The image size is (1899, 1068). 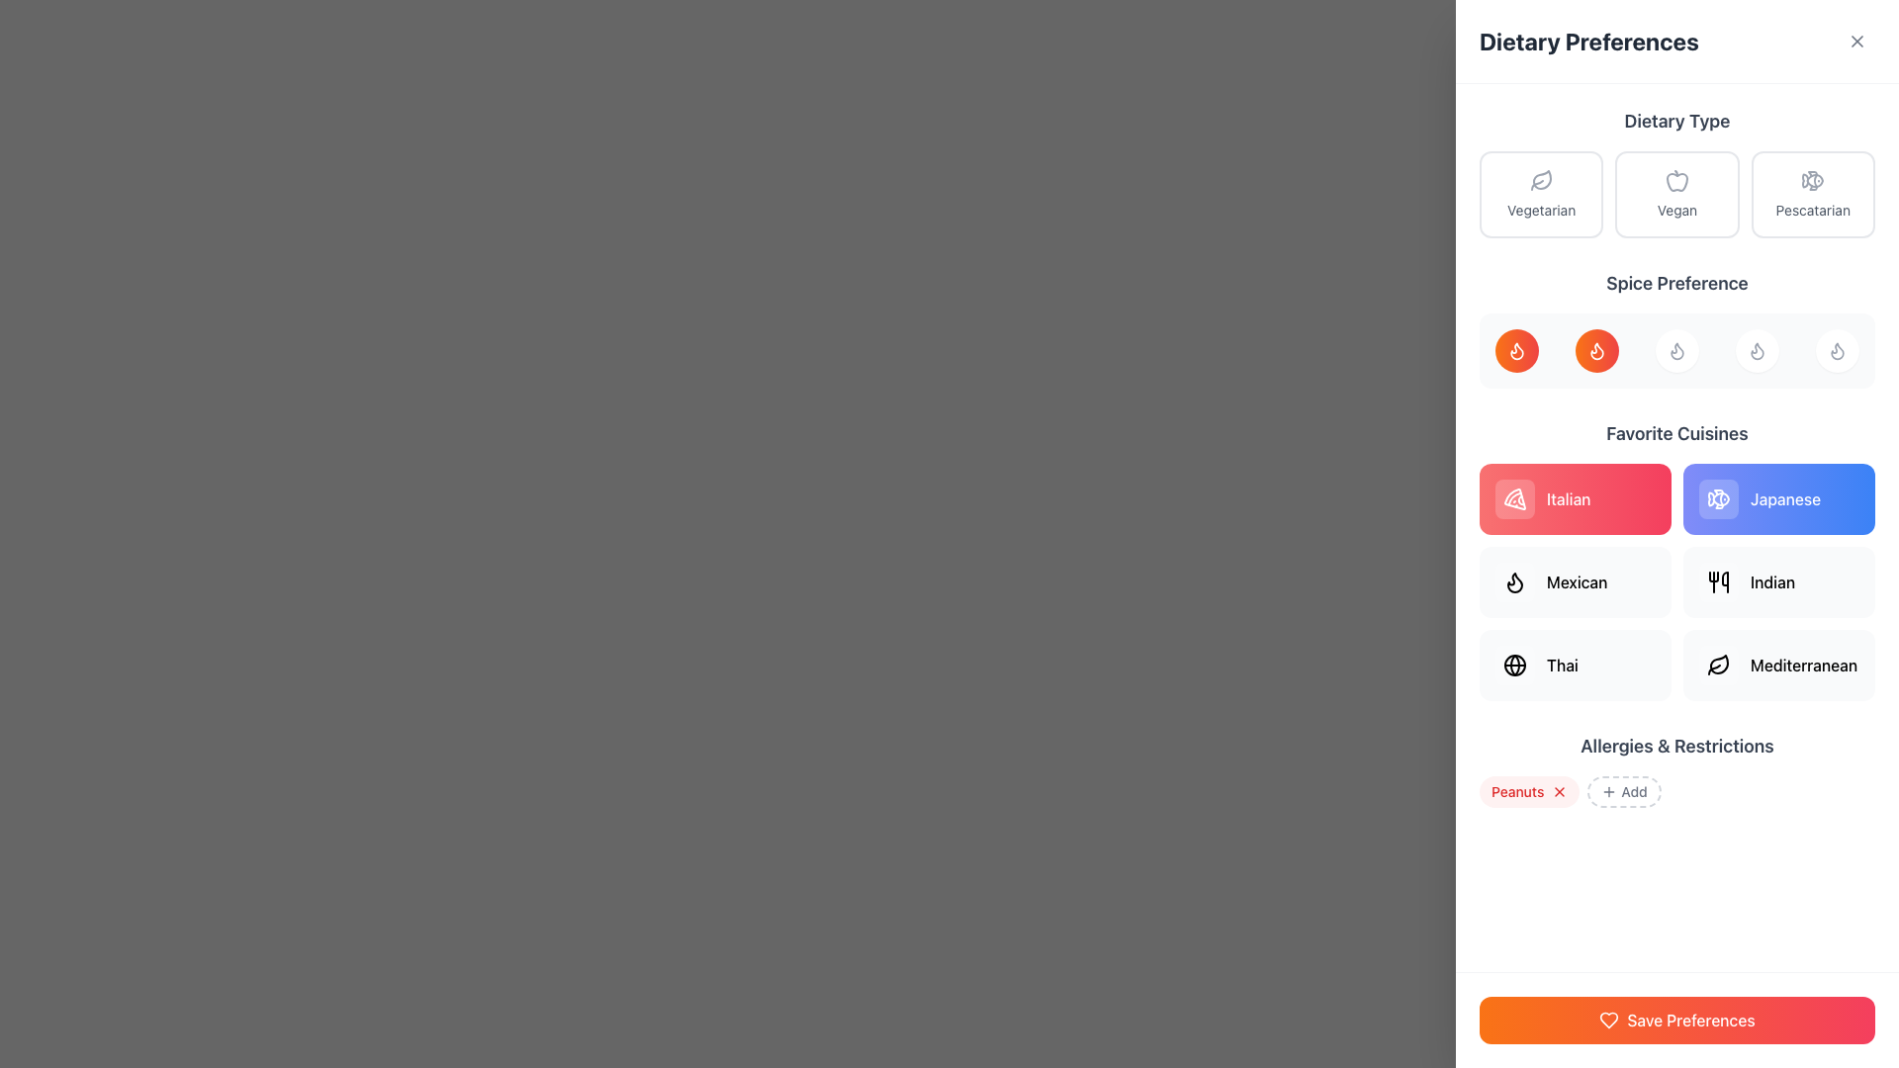 I want to click on the pizza slice icon in the 'Favorite Cuisines' section, which is the primary icon for the 'Italian' cuisine selection, so click(x=1513, y=498).